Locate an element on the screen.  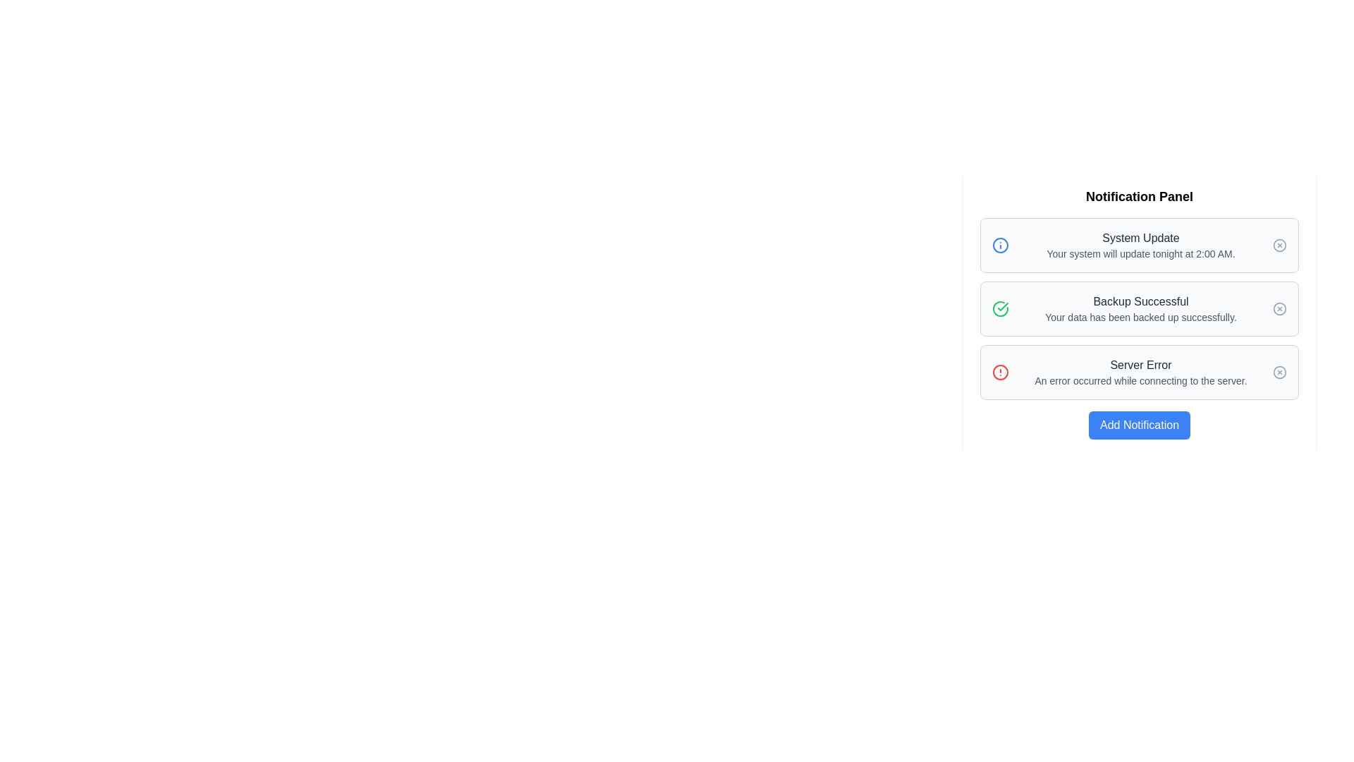
the 'Server Error' text label, which is styled with a medium font weight and gray color, located in the notification panel is located at coordinates (1140, 364).